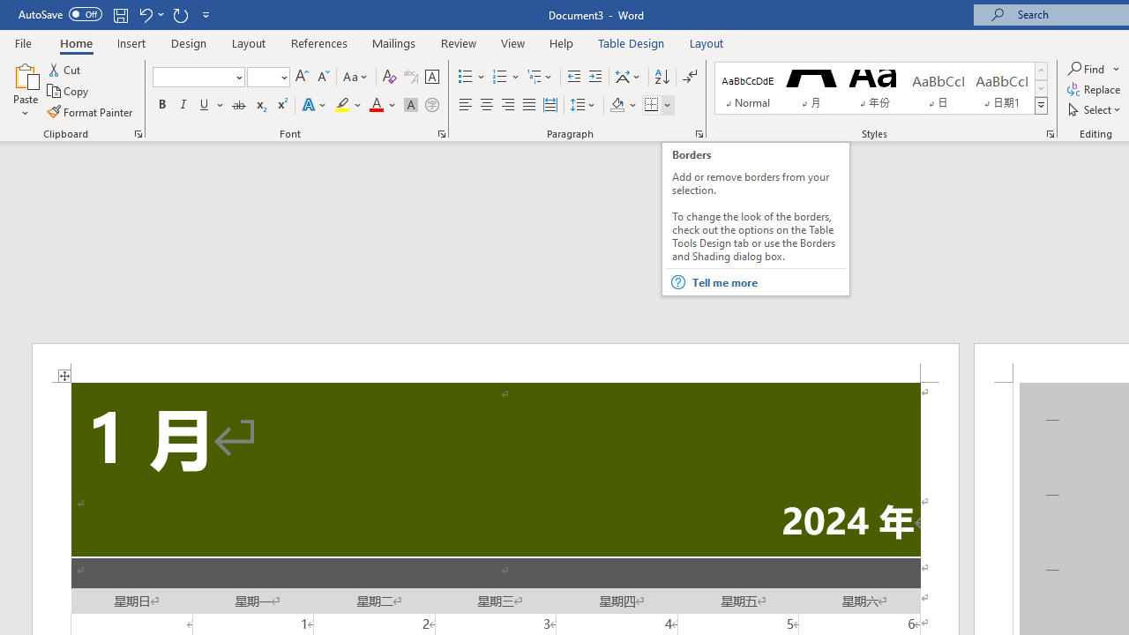  What do you see at coordinates (90, 112) in the screenshot?
I see `'Format Painter'` at bounding box center [90, 112].